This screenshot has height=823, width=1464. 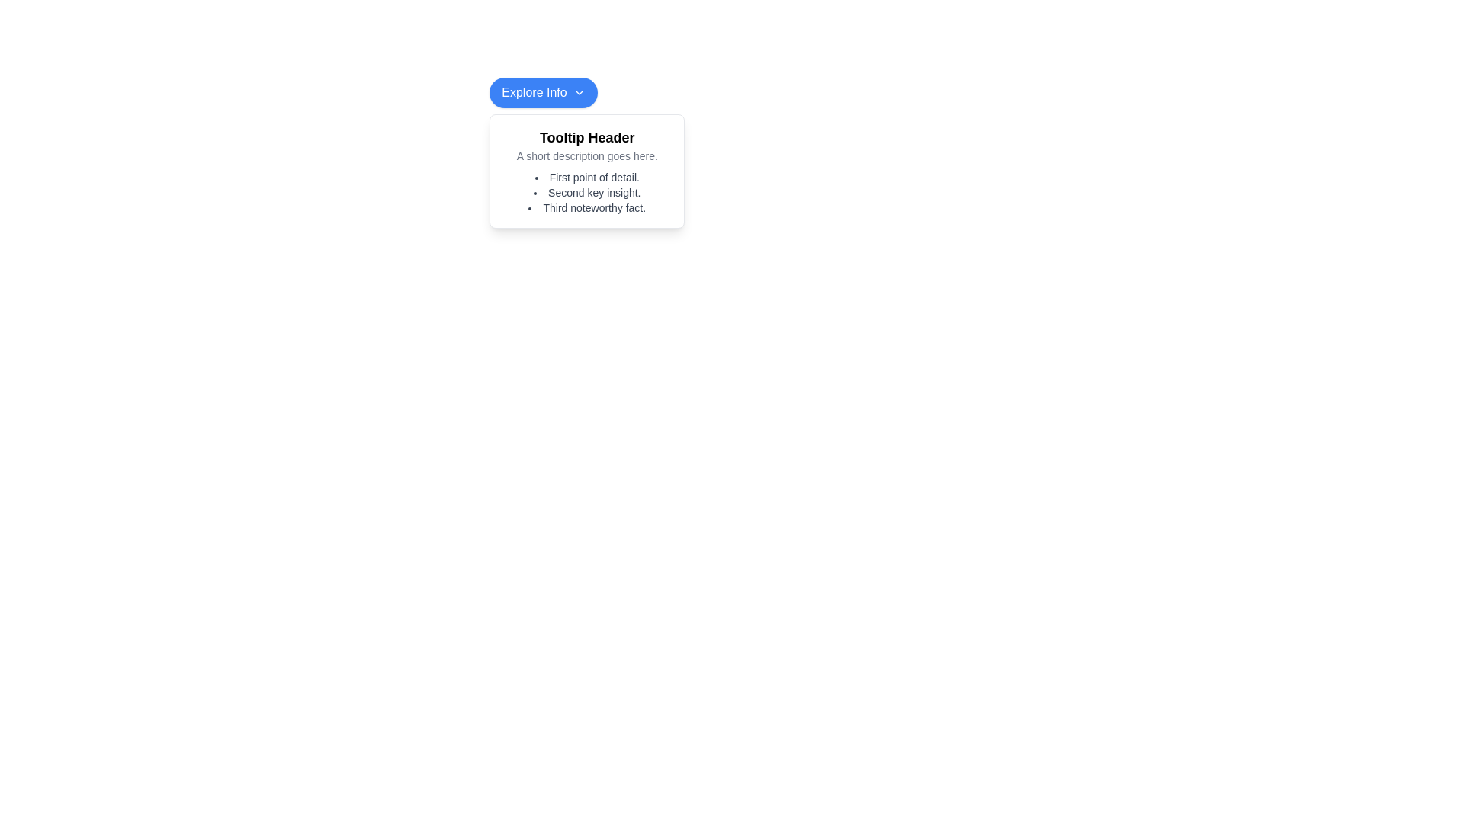 What do you see at coordinates (586, 192) in the screenshot?
I see `text from the bulleted list located in the lower part of the tooltip component, which is positioned below the 'Explore Info' button` at bounding box center [586, 192].